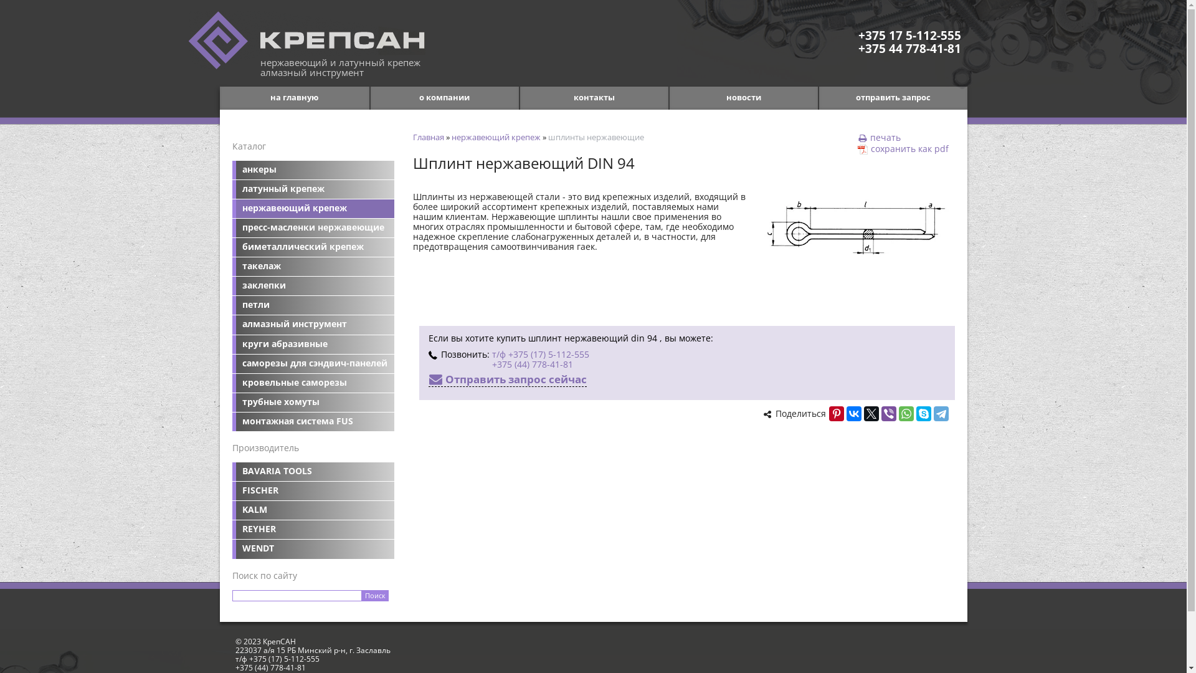 The width and height of the screenshot is (1196, 673). I want to click on '+375 (44) 778-41-81', so click(532, 364).